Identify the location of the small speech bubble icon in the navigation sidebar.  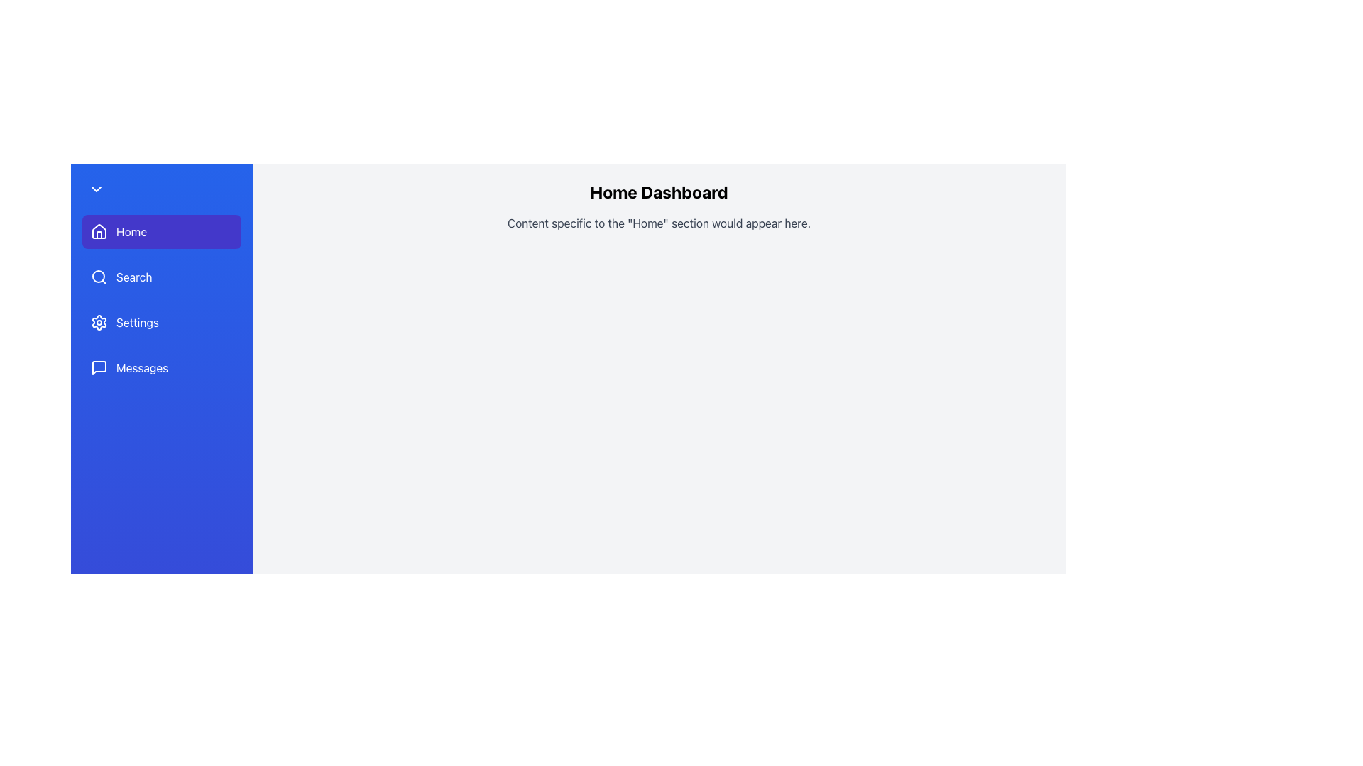
(98, 367).